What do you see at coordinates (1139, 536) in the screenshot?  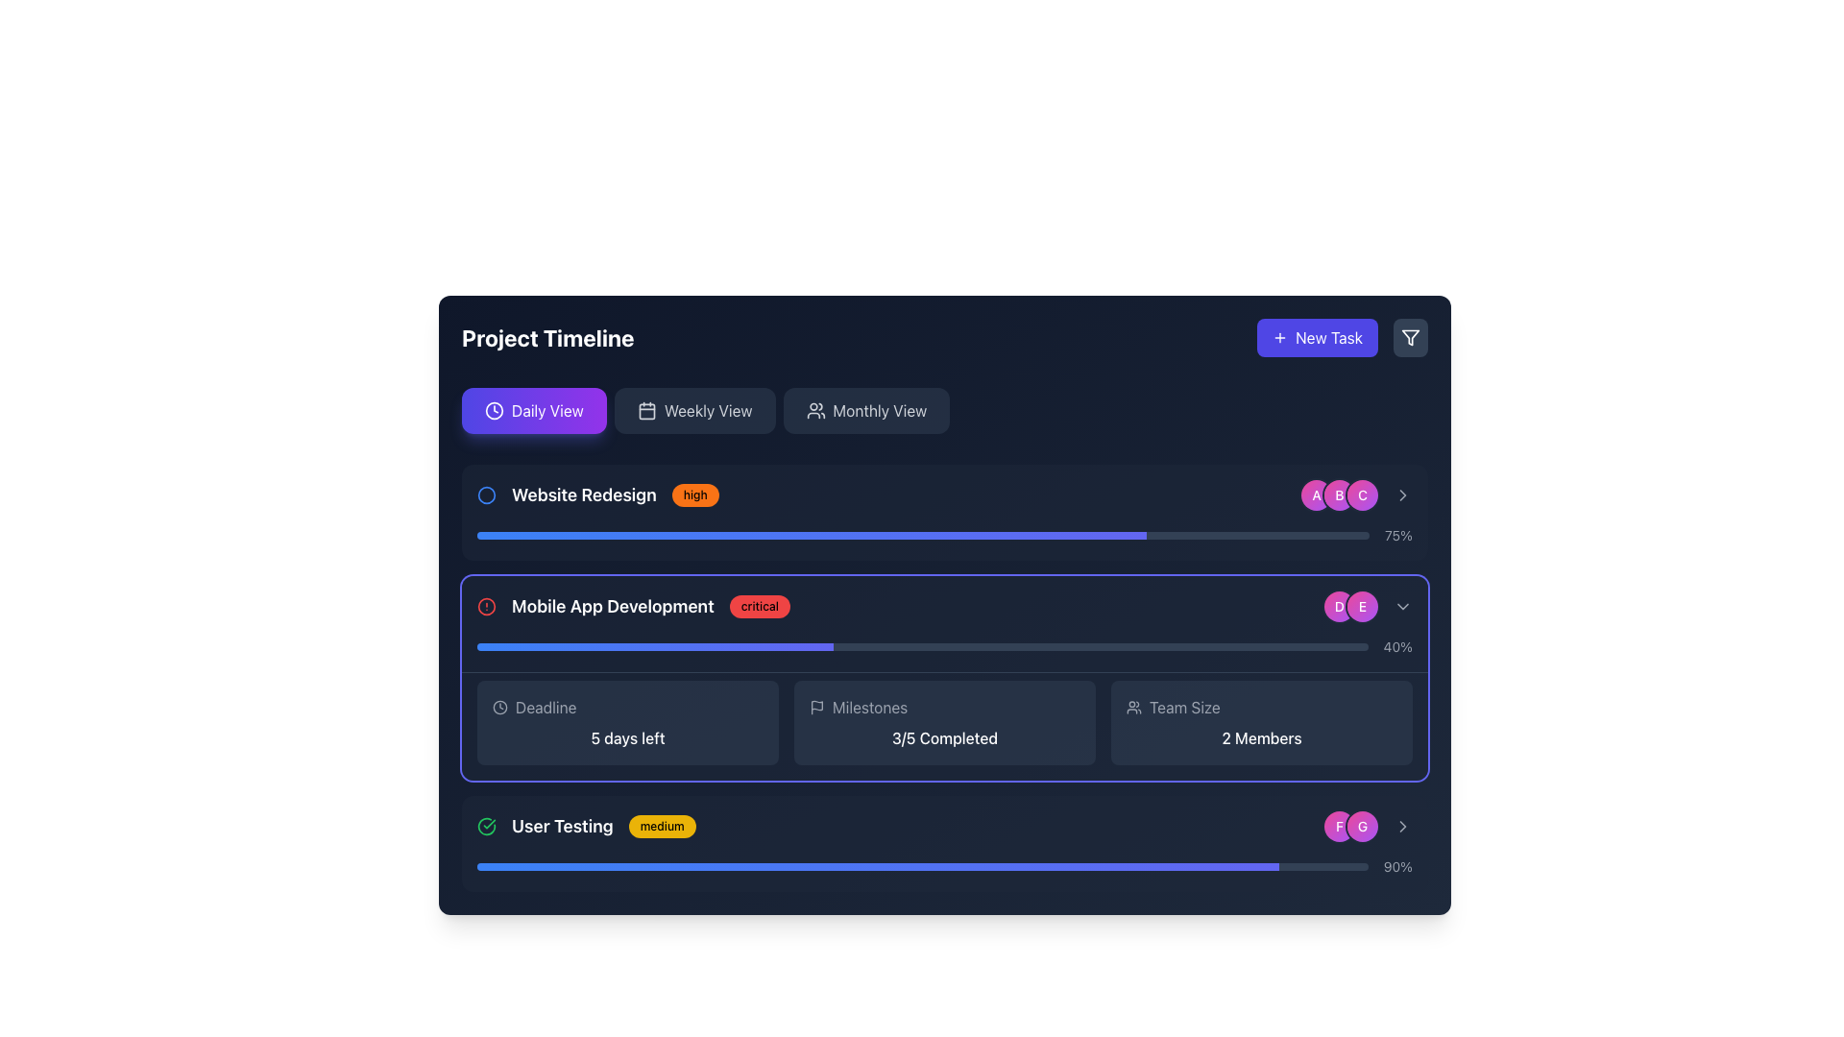 I see `progress` at bounding box center [1139, 536].